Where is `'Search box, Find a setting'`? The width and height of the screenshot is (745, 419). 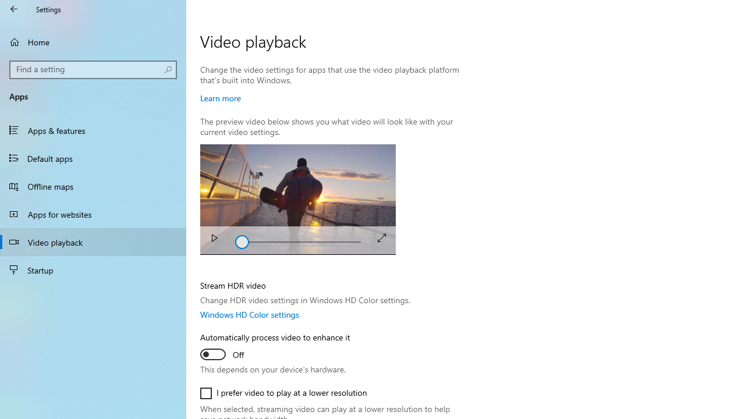 'Search box, Find a setting' is located at coordinates (93, 69).